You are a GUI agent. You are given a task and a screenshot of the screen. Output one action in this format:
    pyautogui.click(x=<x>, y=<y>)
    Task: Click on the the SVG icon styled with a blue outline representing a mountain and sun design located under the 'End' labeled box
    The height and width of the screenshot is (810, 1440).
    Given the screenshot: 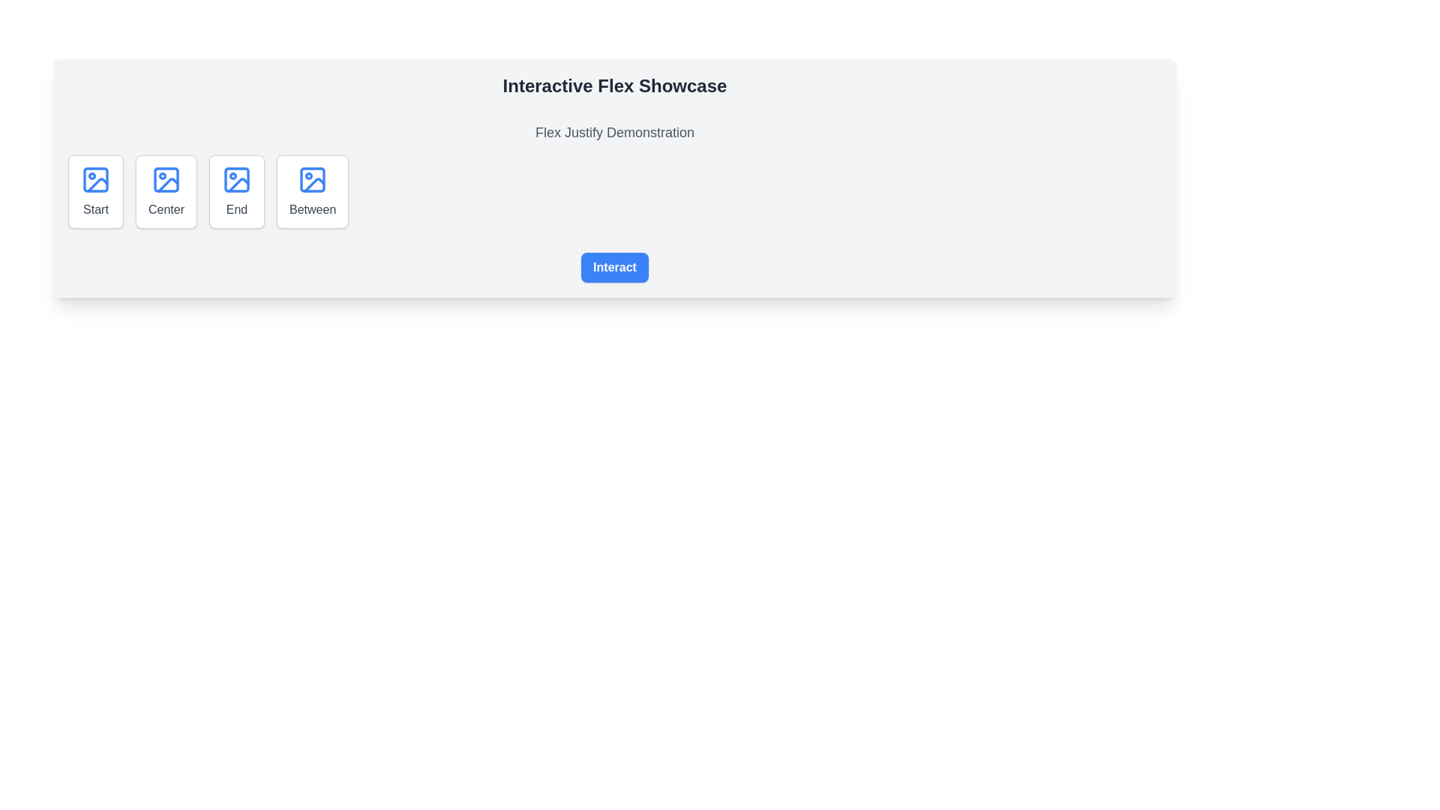 What is the action you would take?
    pyautogui.click(x=236, y=178)
    